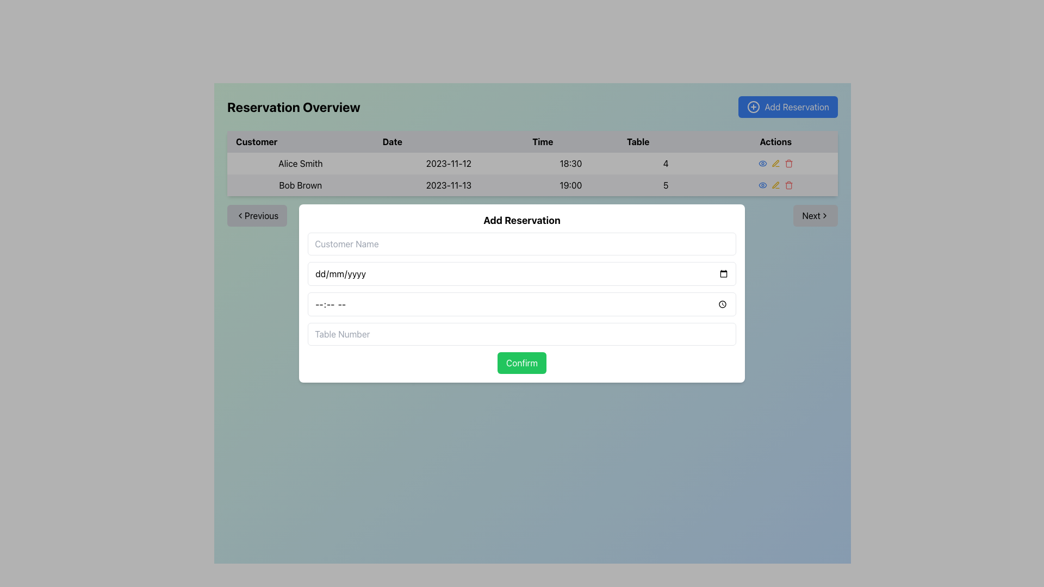 The width and height of the screenshot is (1044, 587). What do you see at coordinates (762, 163) in the screenshot?
I see `the view icon located under the 'Actions' column in the reservation table, specifically aligned with the second entry 'Bob Brown'` at bounding box center [762, 163].